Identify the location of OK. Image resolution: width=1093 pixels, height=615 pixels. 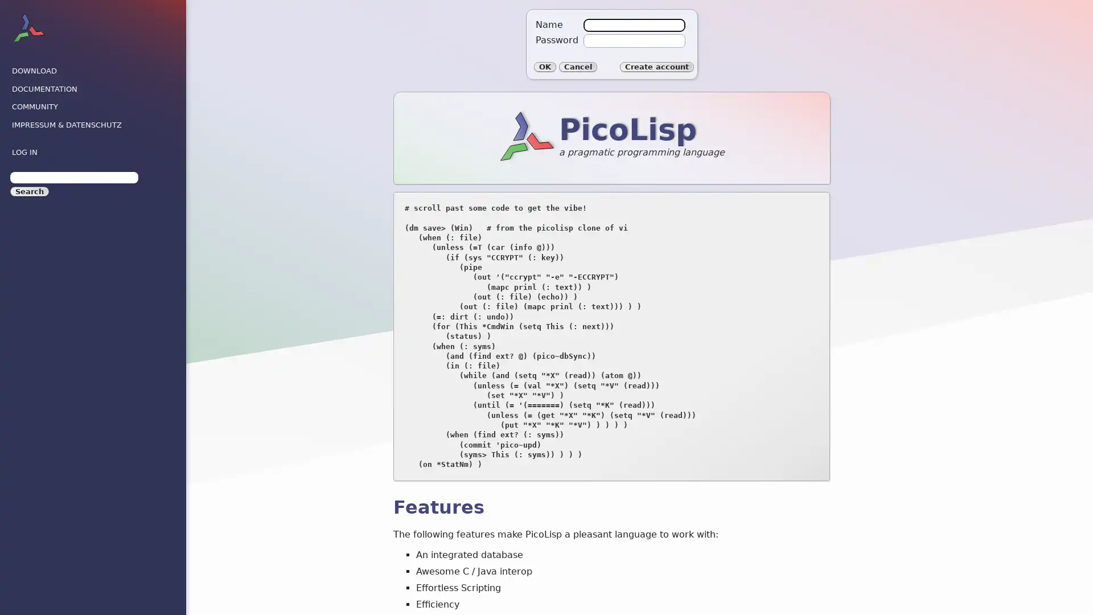
(544, 67).